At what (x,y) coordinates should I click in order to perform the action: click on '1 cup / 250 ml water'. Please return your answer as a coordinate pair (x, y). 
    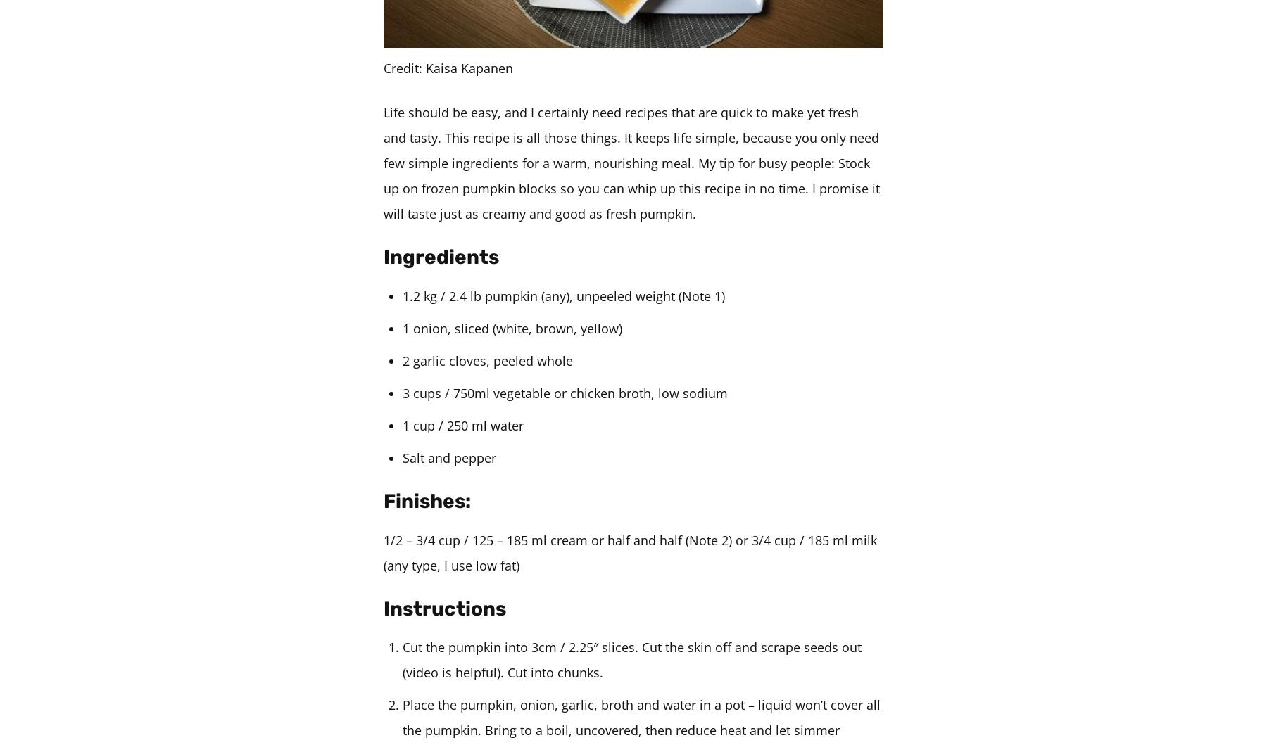
    Looking at the image, I should click on (403, 424).